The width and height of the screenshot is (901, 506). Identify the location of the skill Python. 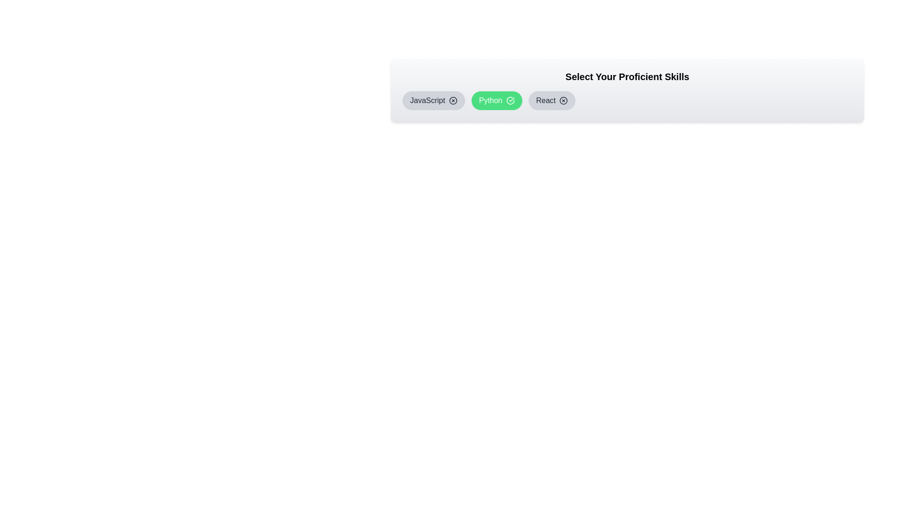
(496, 101).